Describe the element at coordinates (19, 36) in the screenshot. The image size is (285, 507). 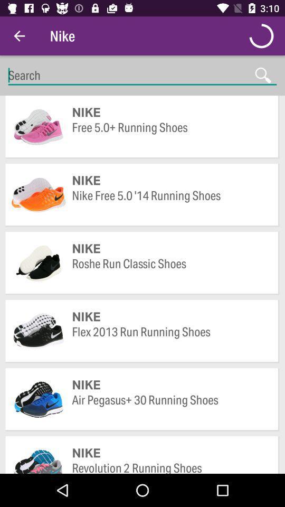
I see `the item next to nike item` at that location.